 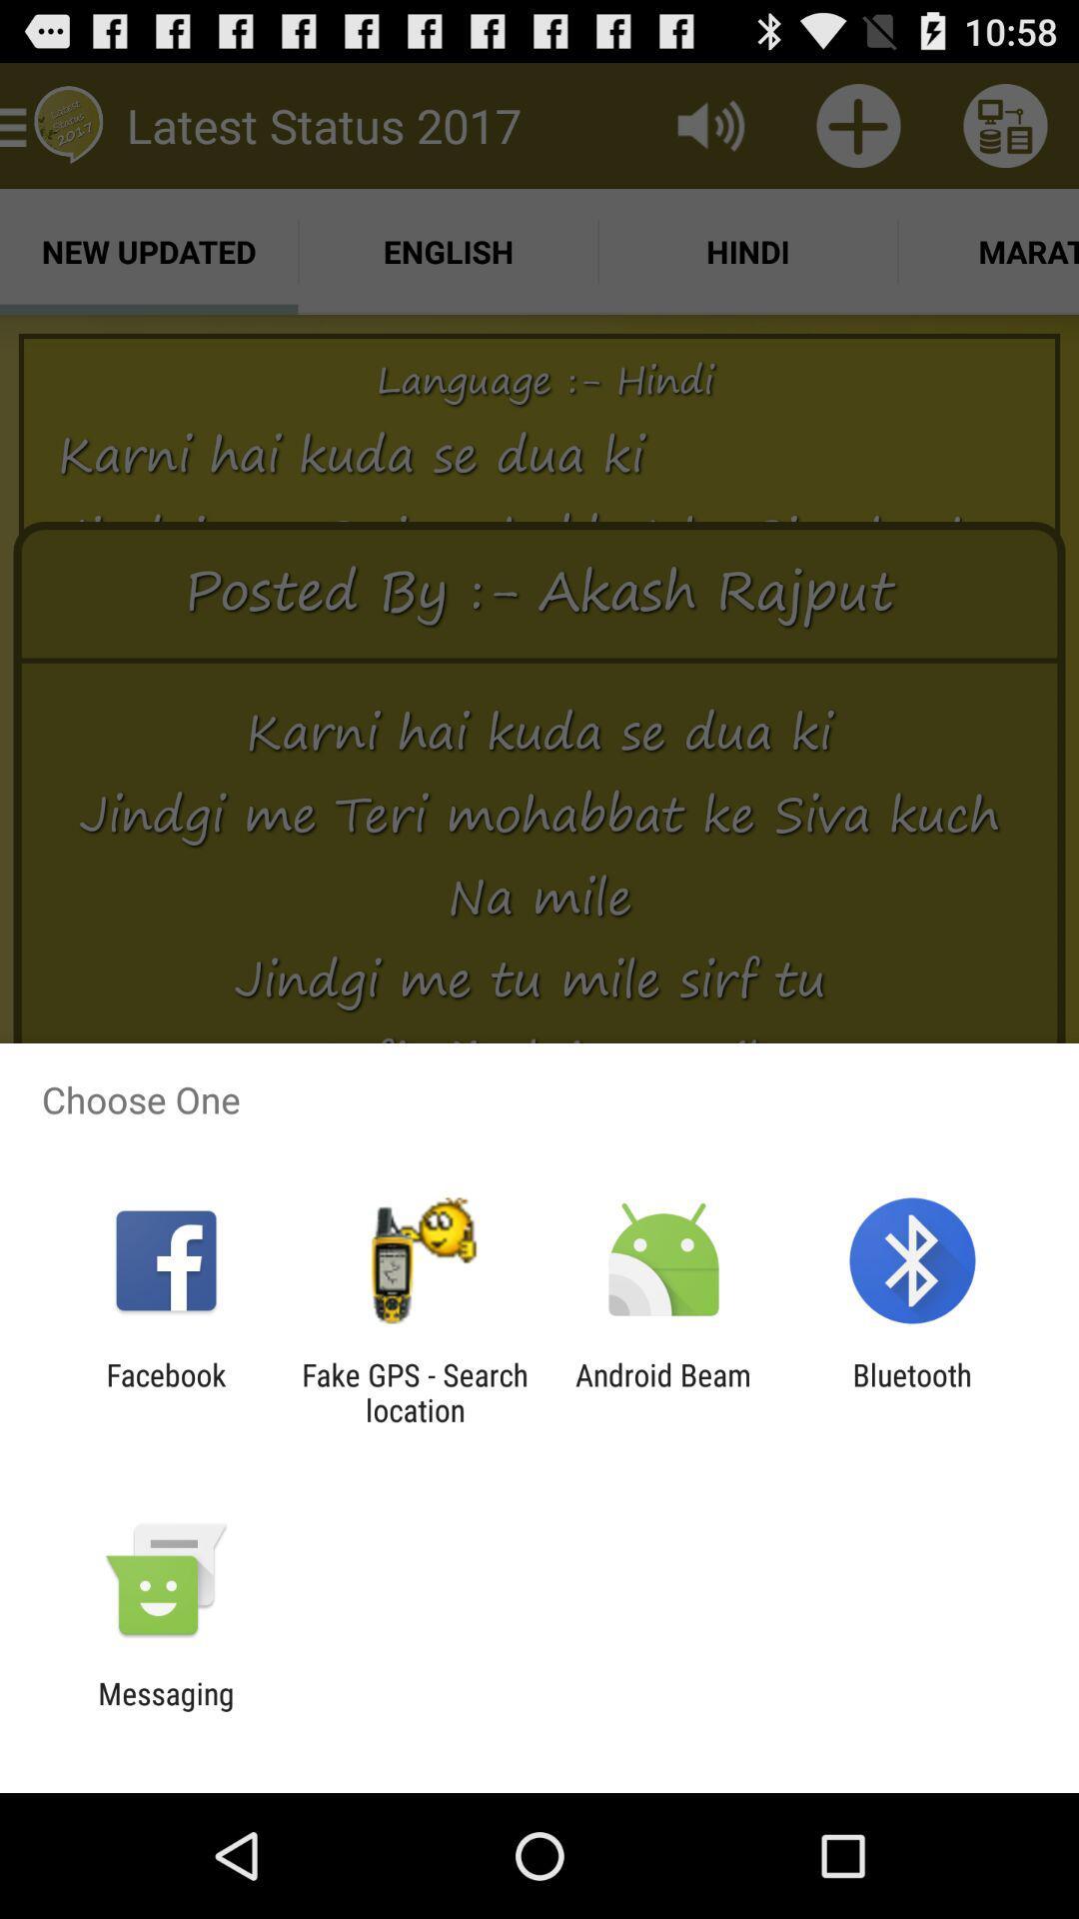 What do you see at coordinates (663, 1391) in the screenshot?
I see `the item to the left of bluetooth` at bounding box center [663, 1391].